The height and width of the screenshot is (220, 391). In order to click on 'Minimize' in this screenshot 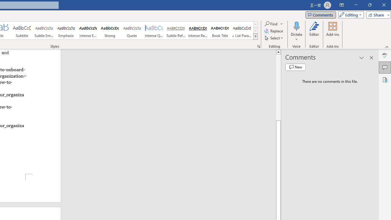, I will do `click(356, 5)`.